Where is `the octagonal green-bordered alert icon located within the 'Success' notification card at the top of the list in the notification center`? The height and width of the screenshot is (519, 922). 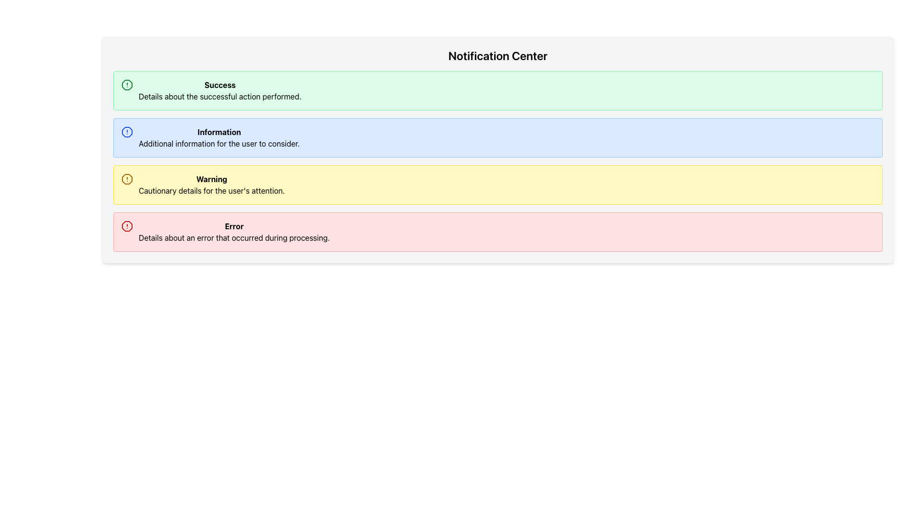
the octagonal green-bordered alert icon located within the 'Success' notification card at the top of the list in the notification center is located at coordinates (126, 85).